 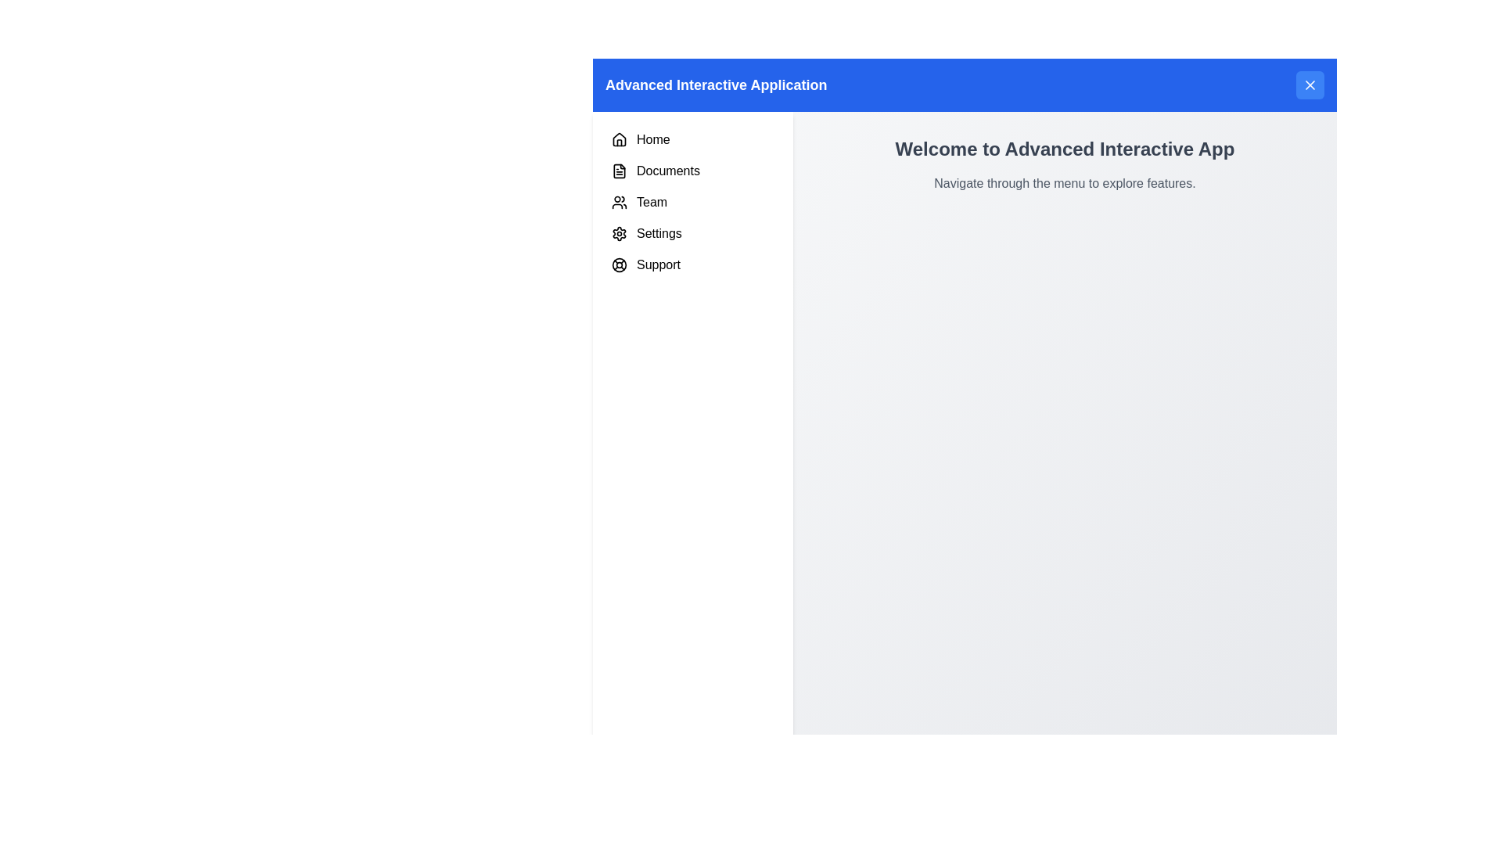 What do you see at coordinates (1310, 84) in the screenshot?
I see `the diagonal cross icon located in the top-right corner of the header bar, which is part of a button-like element` at bounding box center [1310, 84].